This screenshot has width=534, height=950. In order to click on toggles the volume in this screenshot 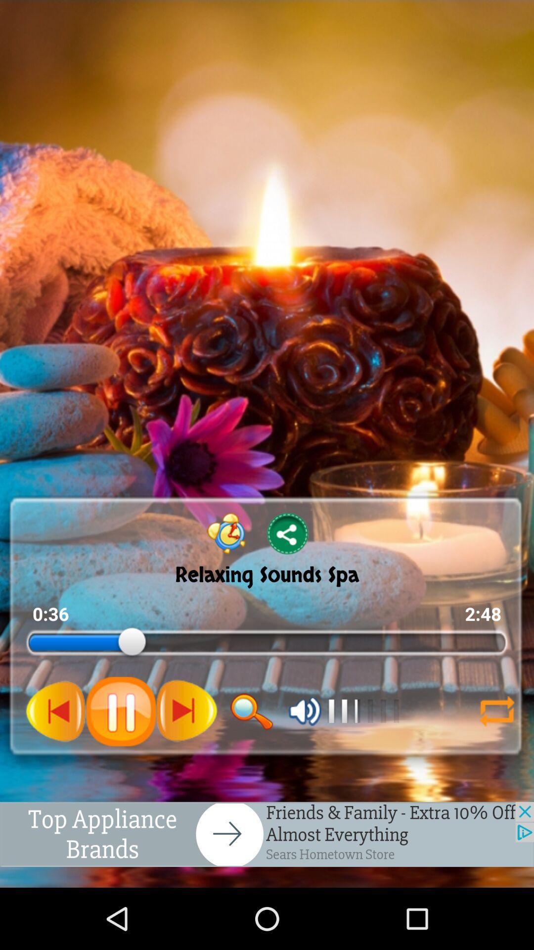, I will do `click(305, 711)`.